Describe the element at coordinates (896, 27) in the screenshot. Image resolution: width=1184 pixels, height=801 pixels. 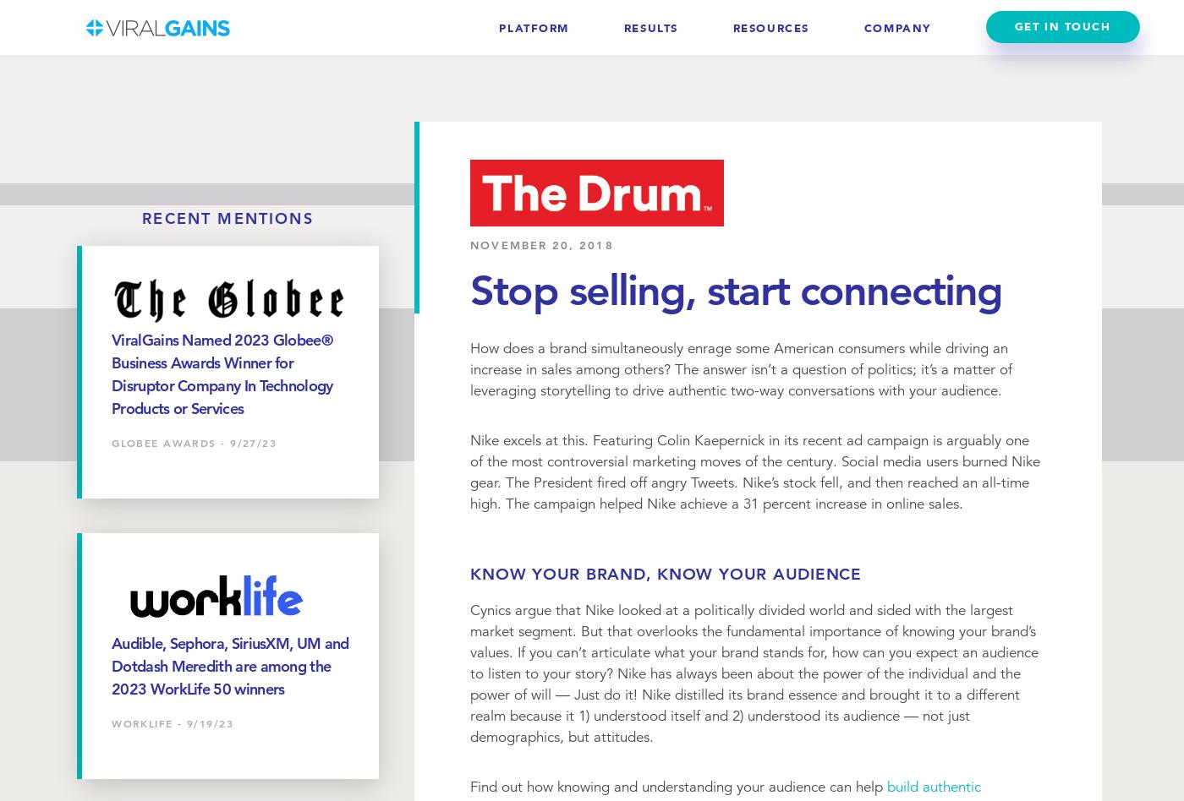
I see `'Company'` at that location.